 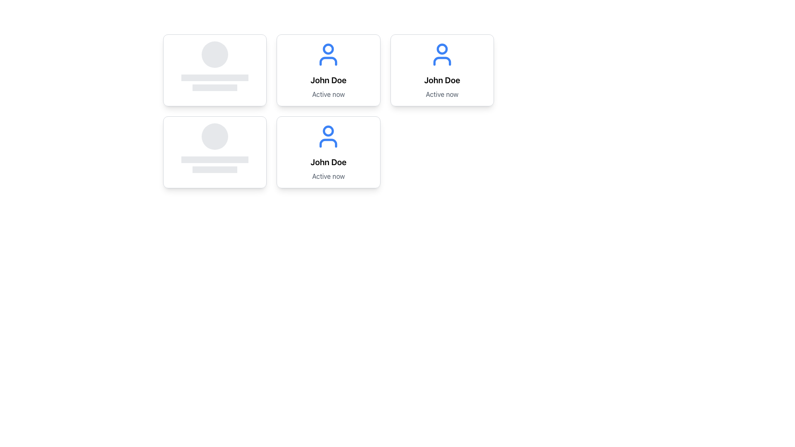 I want to click on the small circular SVG element located within the upper section of the blue-outlined user icon on the second card from the left in the grid, so click(x=328, y=49).